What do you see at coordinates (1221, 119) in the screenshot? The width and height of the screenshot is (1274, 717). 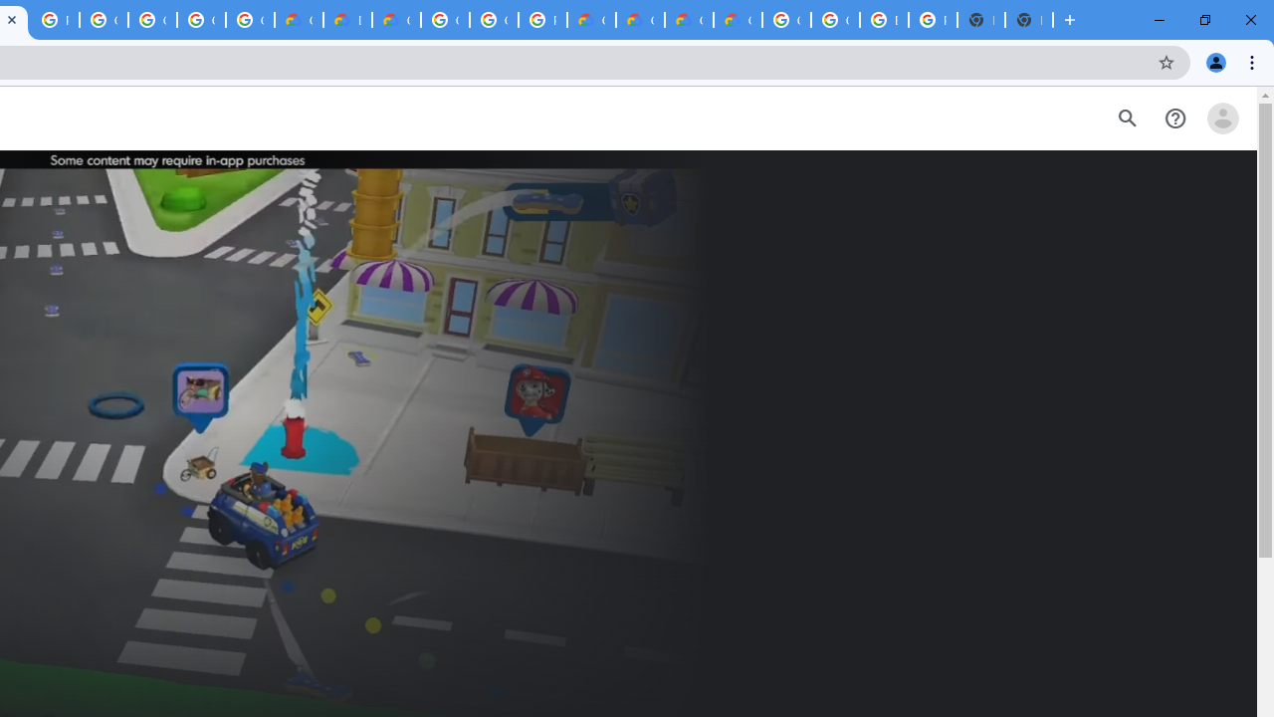 I see `'Open account menu'` at bounding box center [1221, 119].